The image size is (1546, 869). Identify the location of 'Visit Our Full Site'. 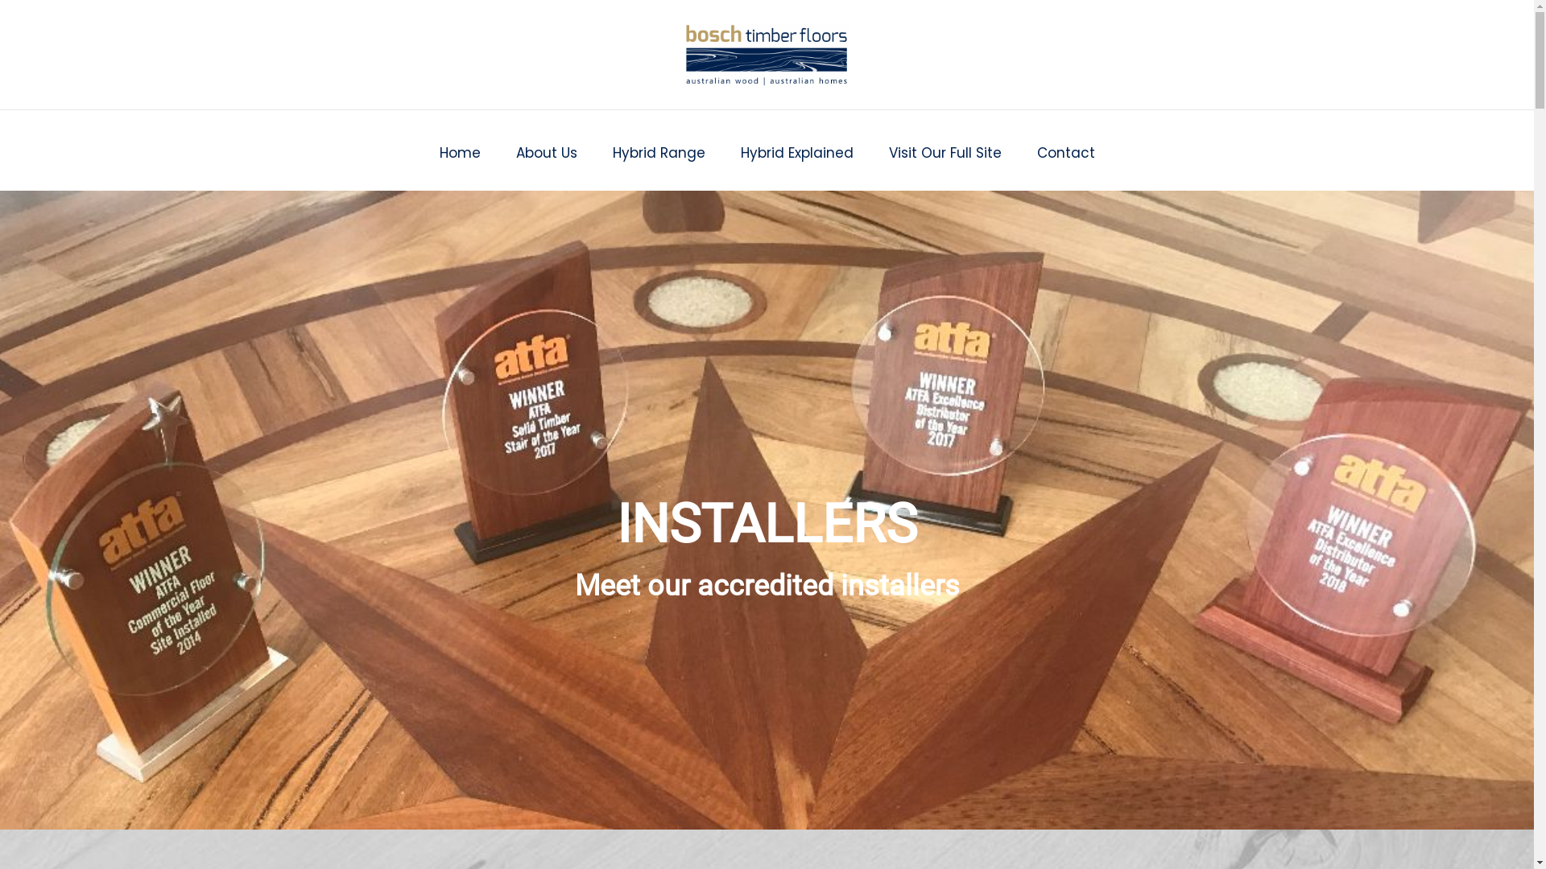
(945, 149).